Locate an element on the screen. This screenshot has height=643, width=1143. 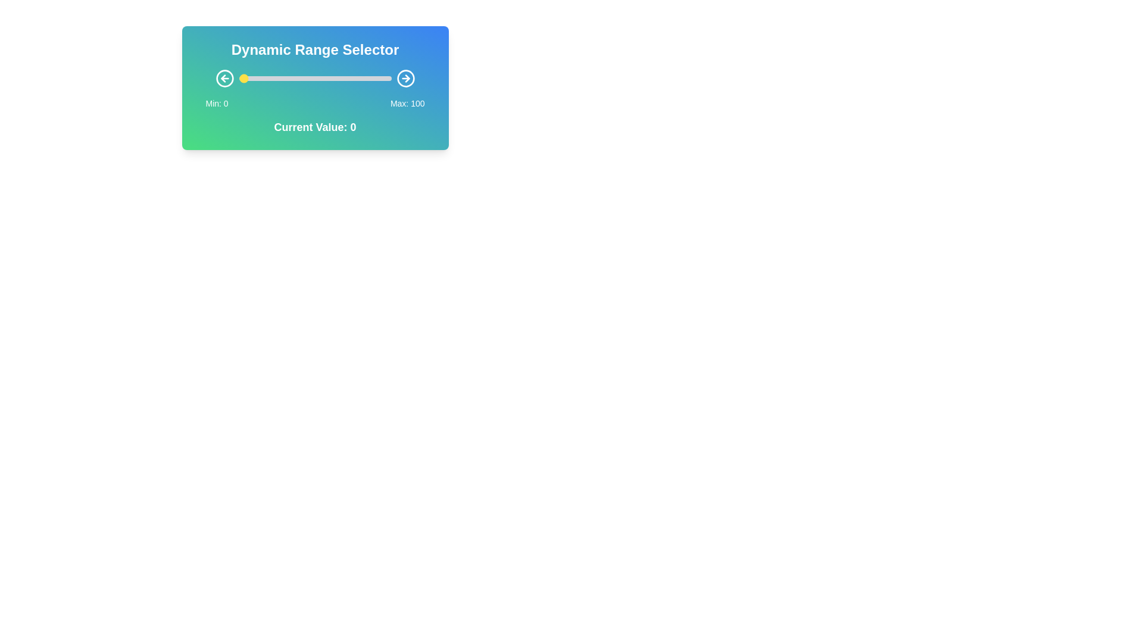
the left arrow button to decrease the slider value is located at coordinates (224, 78).